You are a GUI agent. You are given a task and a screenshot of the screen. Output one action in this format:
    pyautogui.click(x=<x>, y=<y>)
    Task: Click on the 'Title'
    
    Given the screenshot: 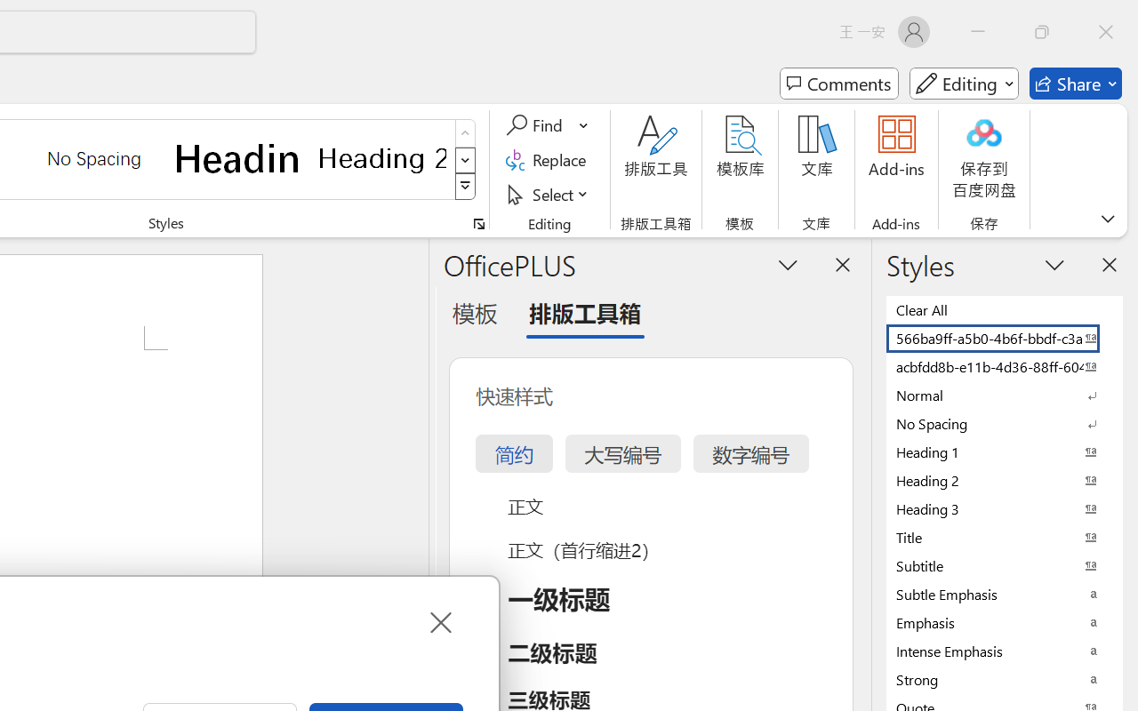 What is the action you would take?
    pyautogui.click(x=1005, y=537)
    